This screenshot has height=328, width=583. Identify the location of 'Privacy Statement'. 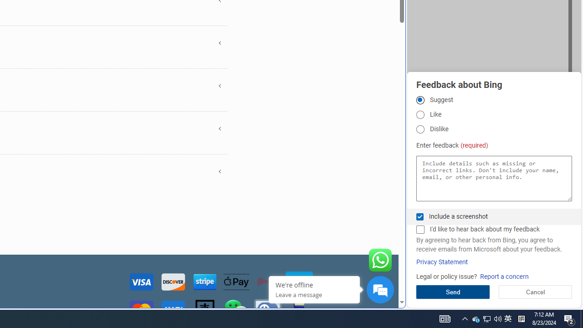
(442, 262).